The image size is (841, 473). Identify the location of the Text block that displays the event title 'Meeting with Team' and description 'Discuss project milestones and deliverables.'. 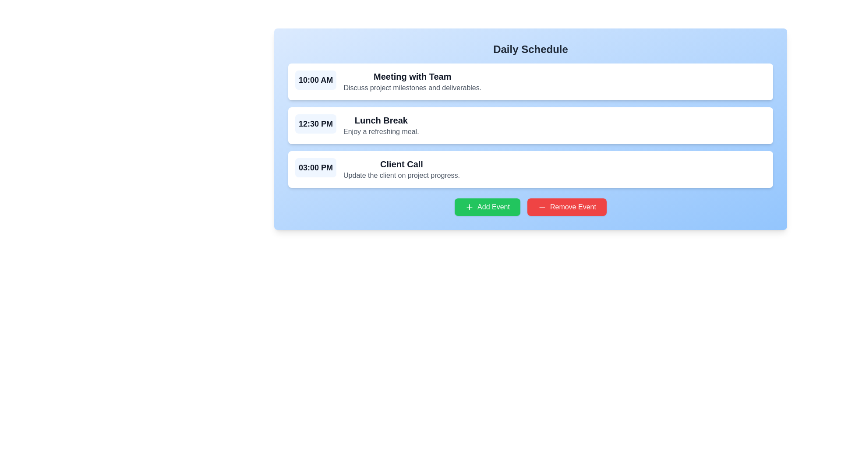
(412, 81).